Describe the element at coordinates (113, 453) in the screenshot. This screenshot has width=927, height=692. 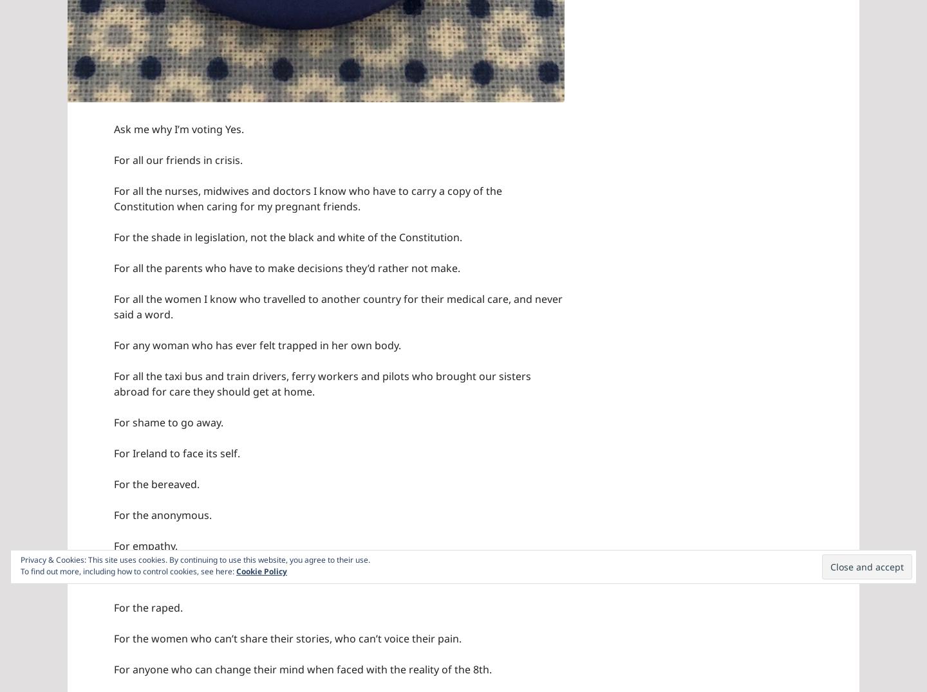
I see `'For Ireland to face its self.'` at that location.